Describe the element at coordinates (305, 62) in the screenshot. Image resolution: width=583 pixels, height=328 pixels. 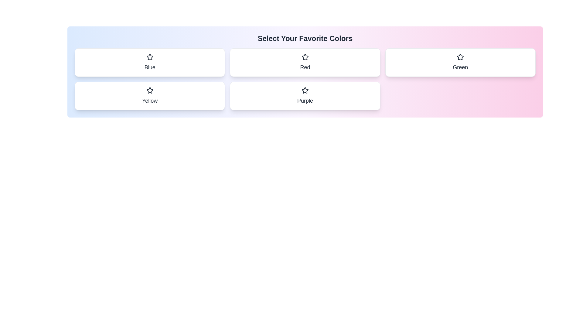
I see `the color chip Red` at that location.